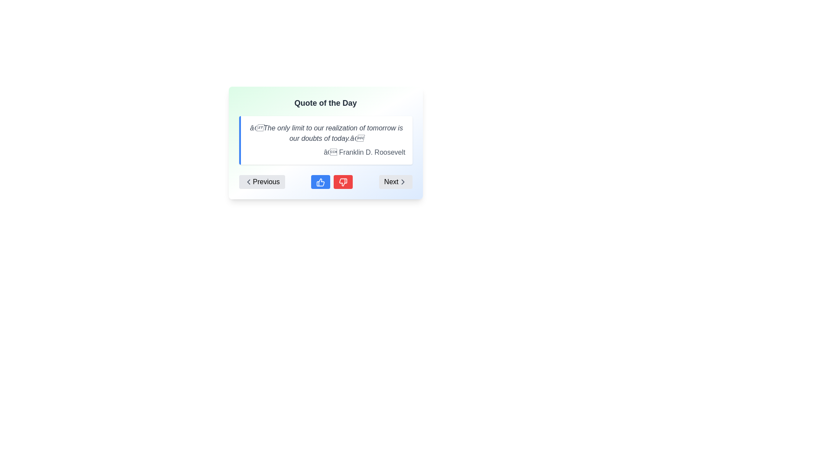 The height and width of the screenshot is (468, 832). What do you see at coordinates (343, 182) in the screenshot?
I see `the downvote button located in the horizontal row of buttons below the quote, positioned to the right of the thumbs-up button and to the left of the 'Next >' button` at bounding box center [343, 182].